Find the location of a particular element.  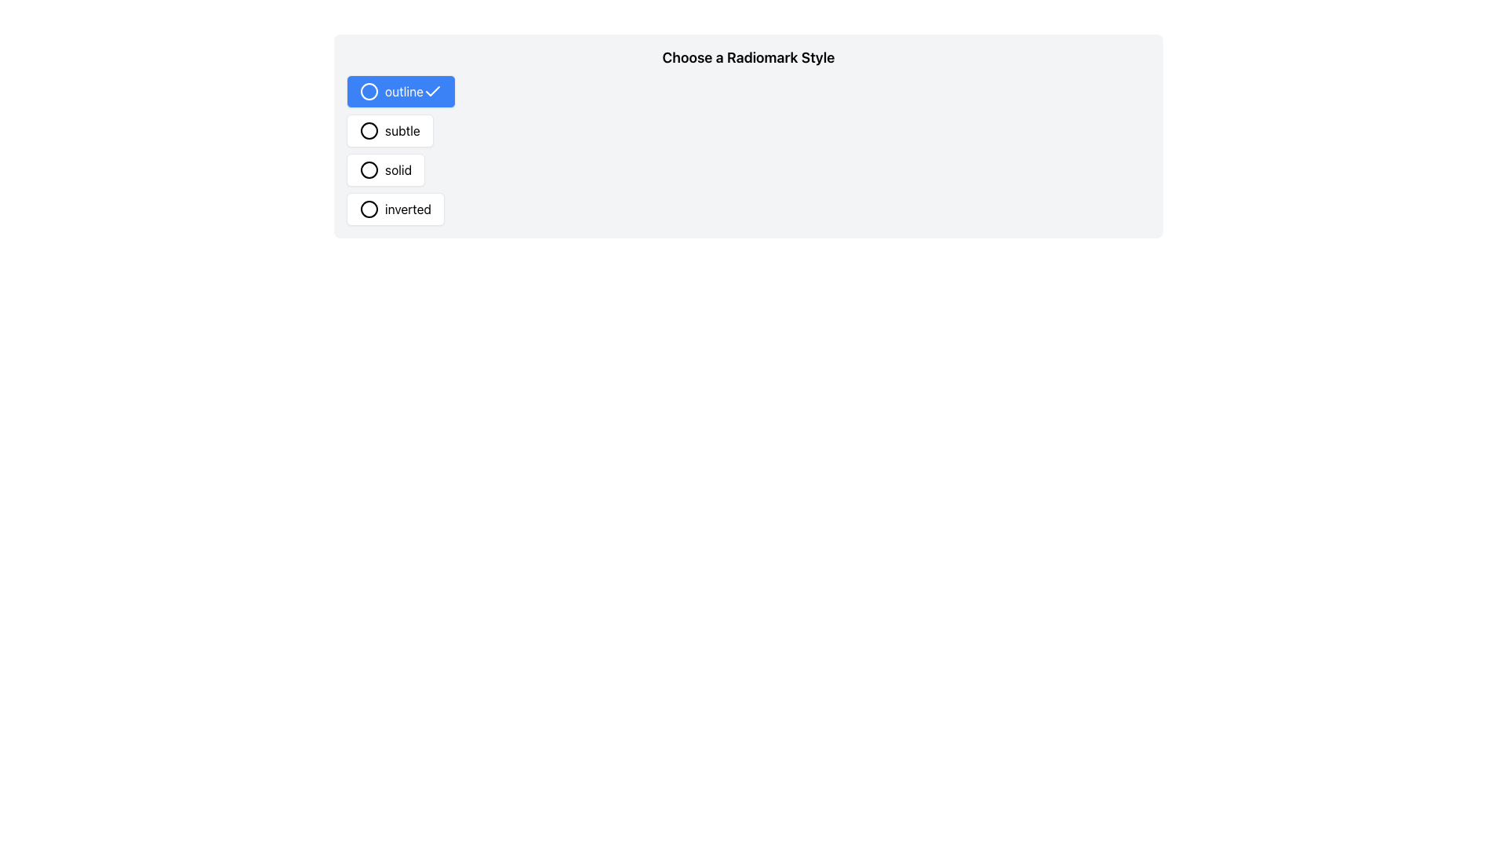

the circular icon positioned to the left of the text 'solid' in the button-like component located in the middle-right area of the menu is located at coordinates (368, 169).